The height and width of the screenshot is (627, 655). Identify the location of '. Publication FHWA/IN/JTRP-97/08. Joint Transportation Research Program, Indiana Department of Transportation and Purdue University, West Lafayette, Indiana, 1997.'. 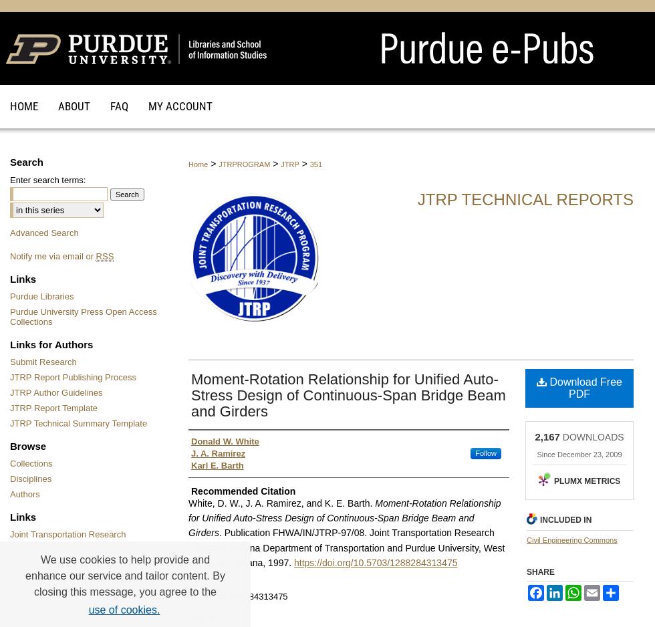
(346, 547).